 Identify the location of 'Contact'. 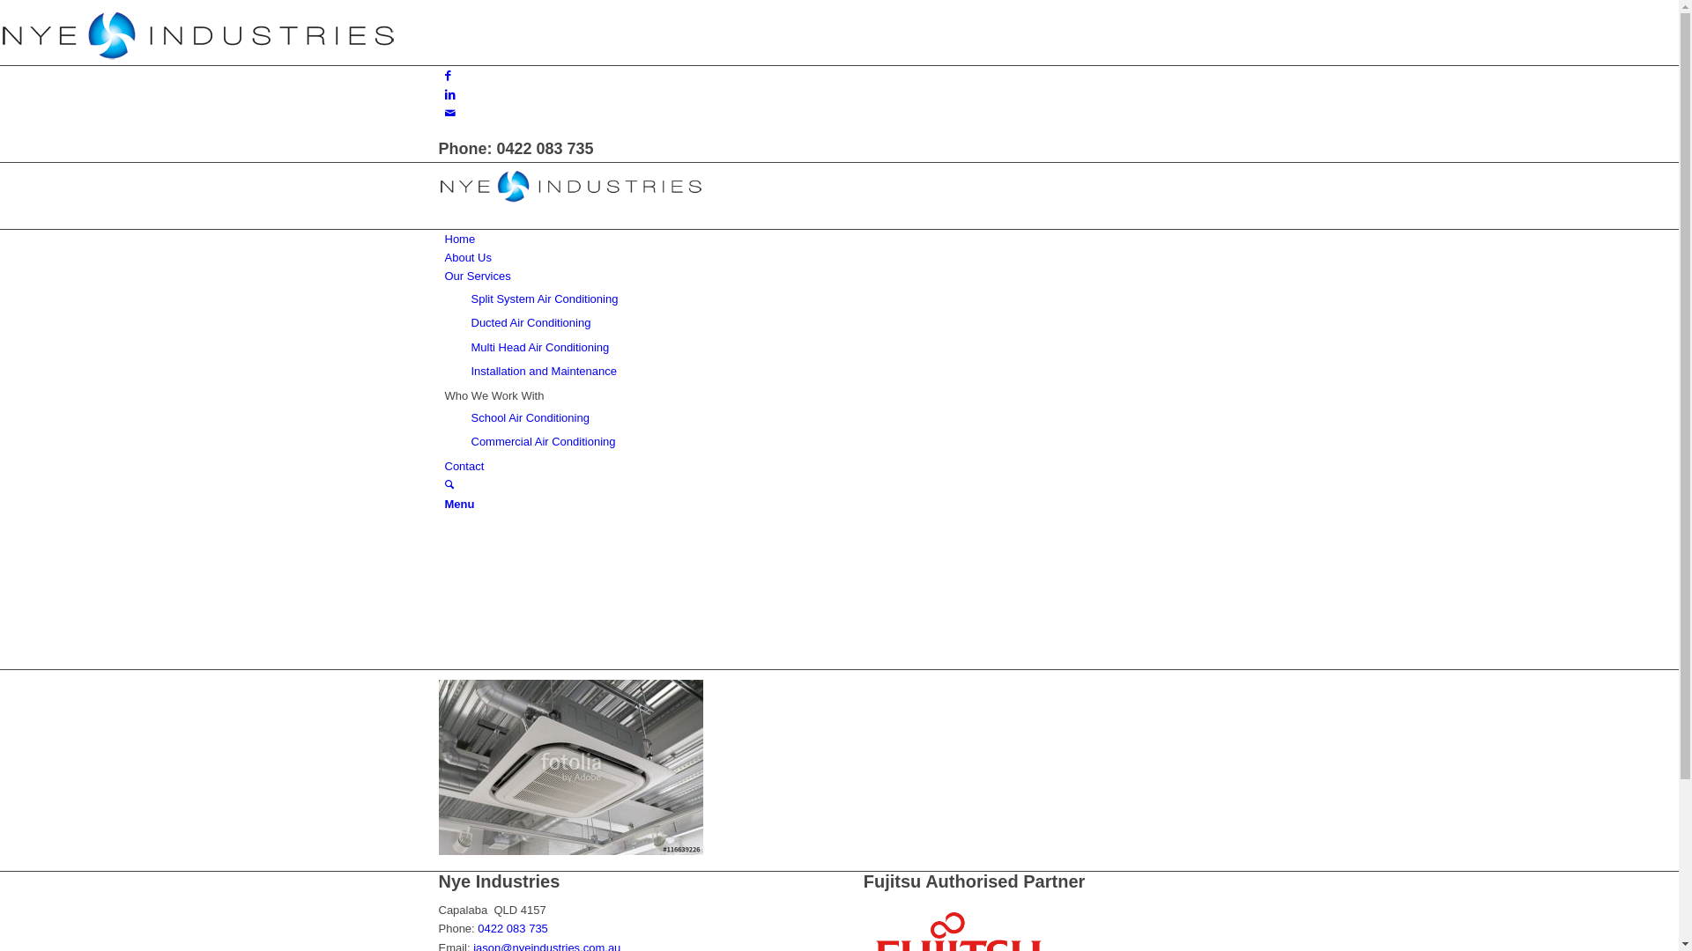
(444, 465).